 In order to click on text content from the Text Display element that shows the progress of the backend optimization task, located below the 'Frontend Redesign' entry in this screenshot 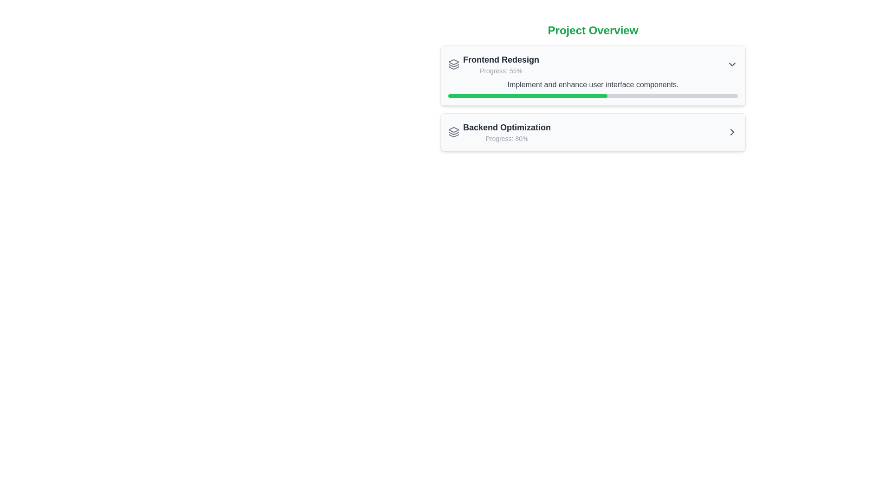, I will do `click(506, 132)`.